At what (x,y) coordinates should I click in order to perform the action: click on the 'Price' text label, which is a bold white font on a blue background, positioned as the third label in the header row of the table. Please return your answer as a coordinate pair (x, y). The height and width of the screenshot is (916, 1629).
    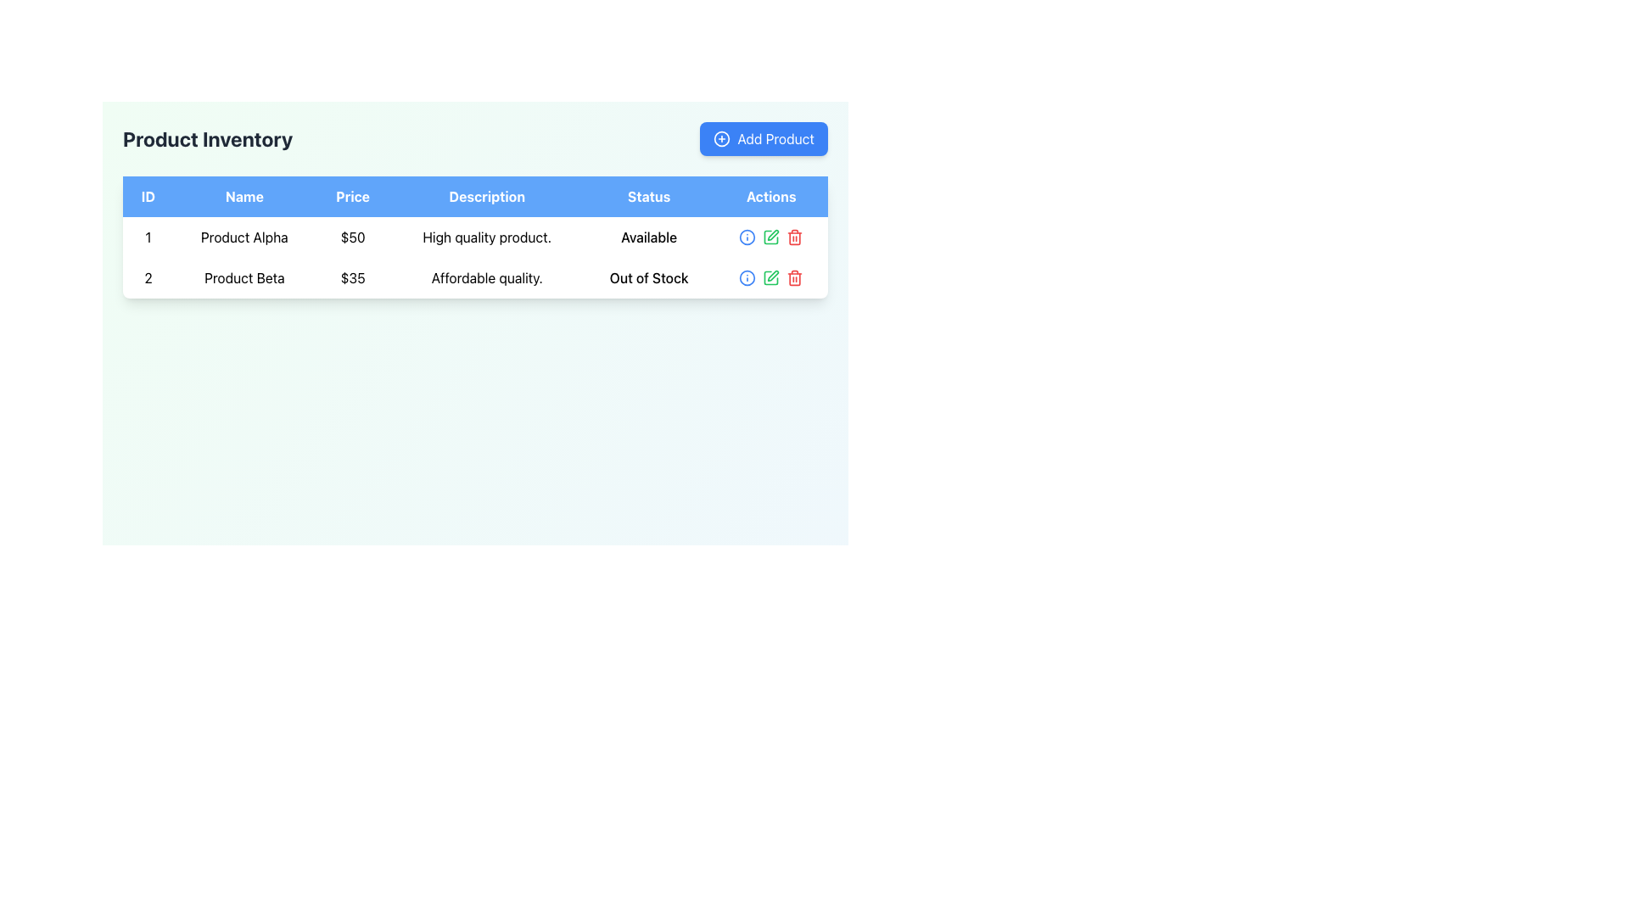
    Looking at the image, I should click on (352, 195).